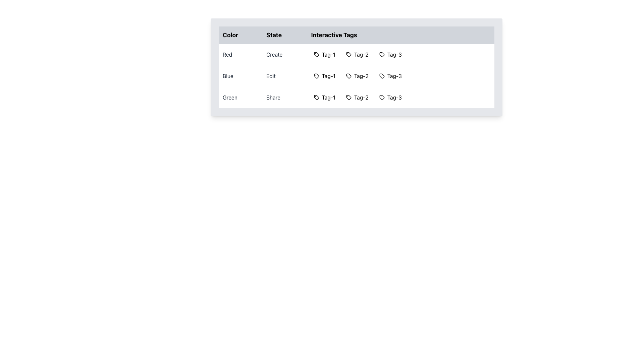 The width and height of the screenshot is (644, 362). I want to click on the initial tag, so click(316, 97).